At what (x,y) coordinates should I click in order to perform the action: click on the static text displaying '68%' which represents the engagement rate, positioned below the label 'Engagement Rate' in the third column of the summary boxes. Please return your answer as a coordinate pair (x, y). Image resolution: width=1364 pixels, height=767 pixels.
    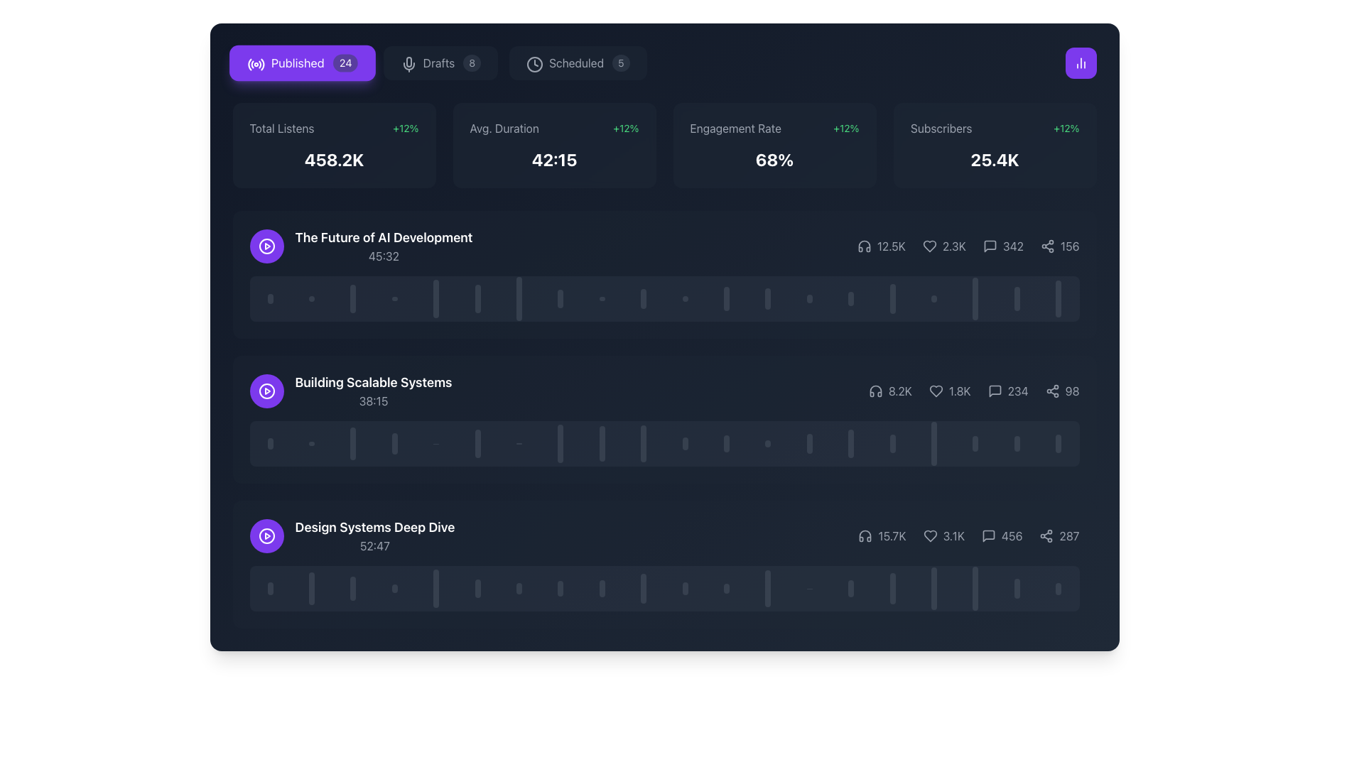
    Looking at the image, I should click on (774, 159).